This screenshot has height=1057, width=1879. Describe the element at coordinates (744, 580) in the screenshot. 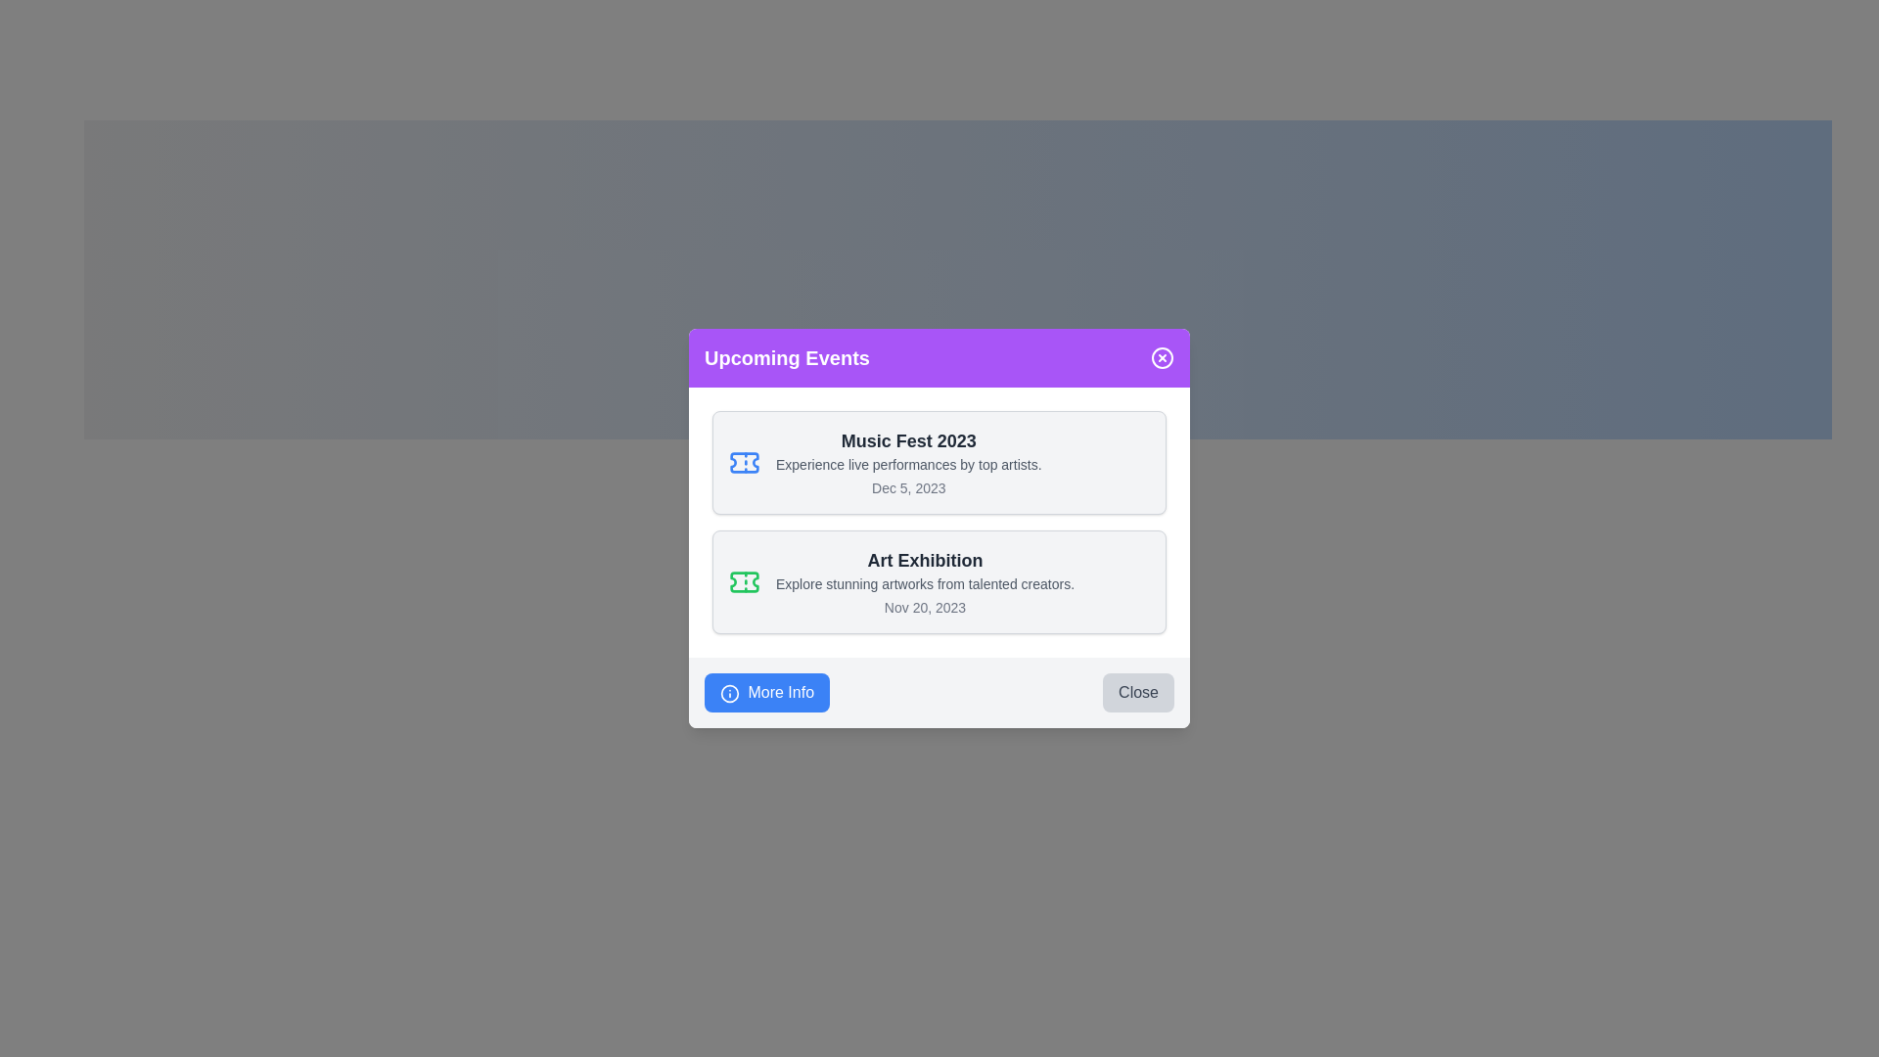

I see `the green ticket-like icon located to the left of the 'Art Exhibition' event description in the 'Upcoming Events' section` at that location.